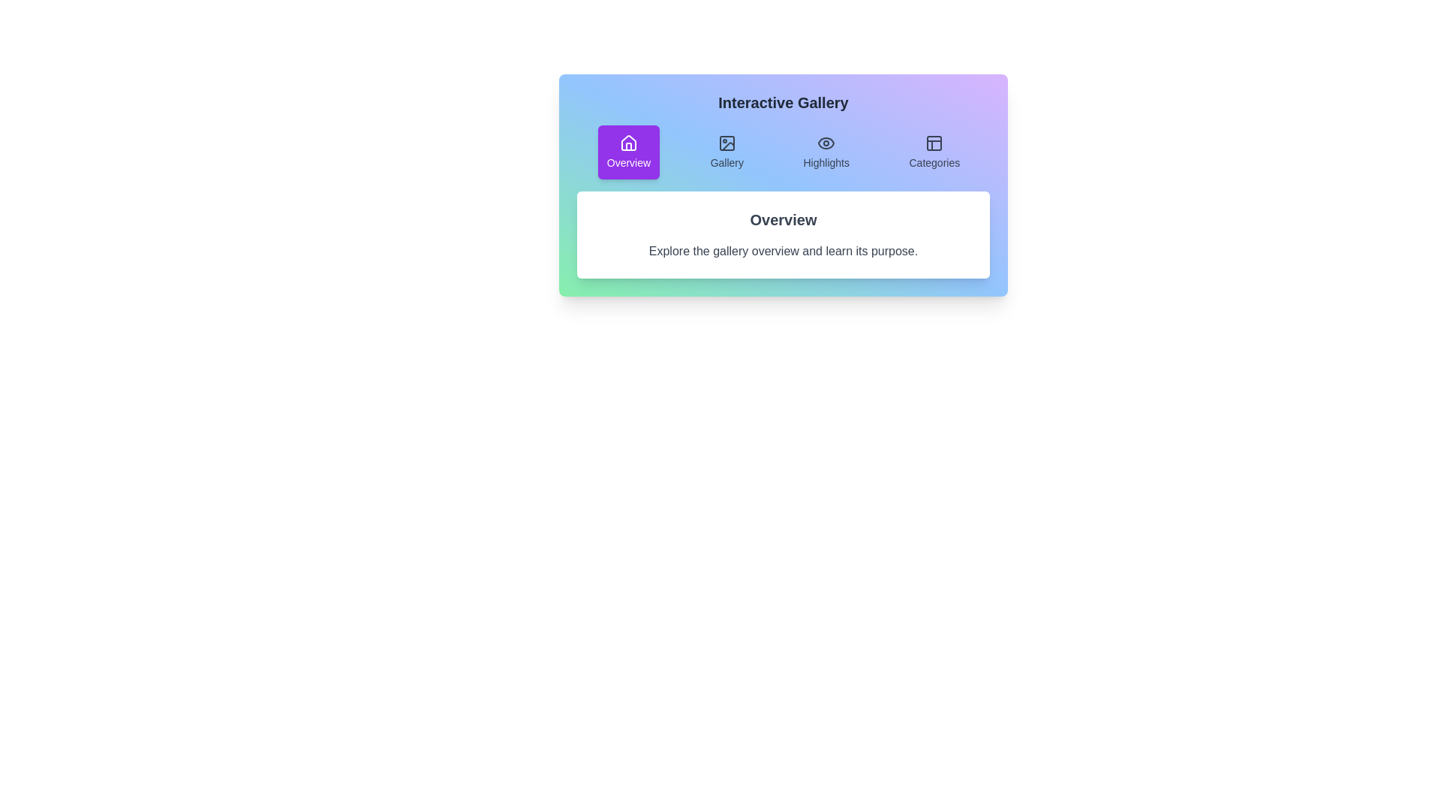 This screenshot has width=1441, height=811. I want to click on the Gallery tab by clicking on it, so click(727, 152).